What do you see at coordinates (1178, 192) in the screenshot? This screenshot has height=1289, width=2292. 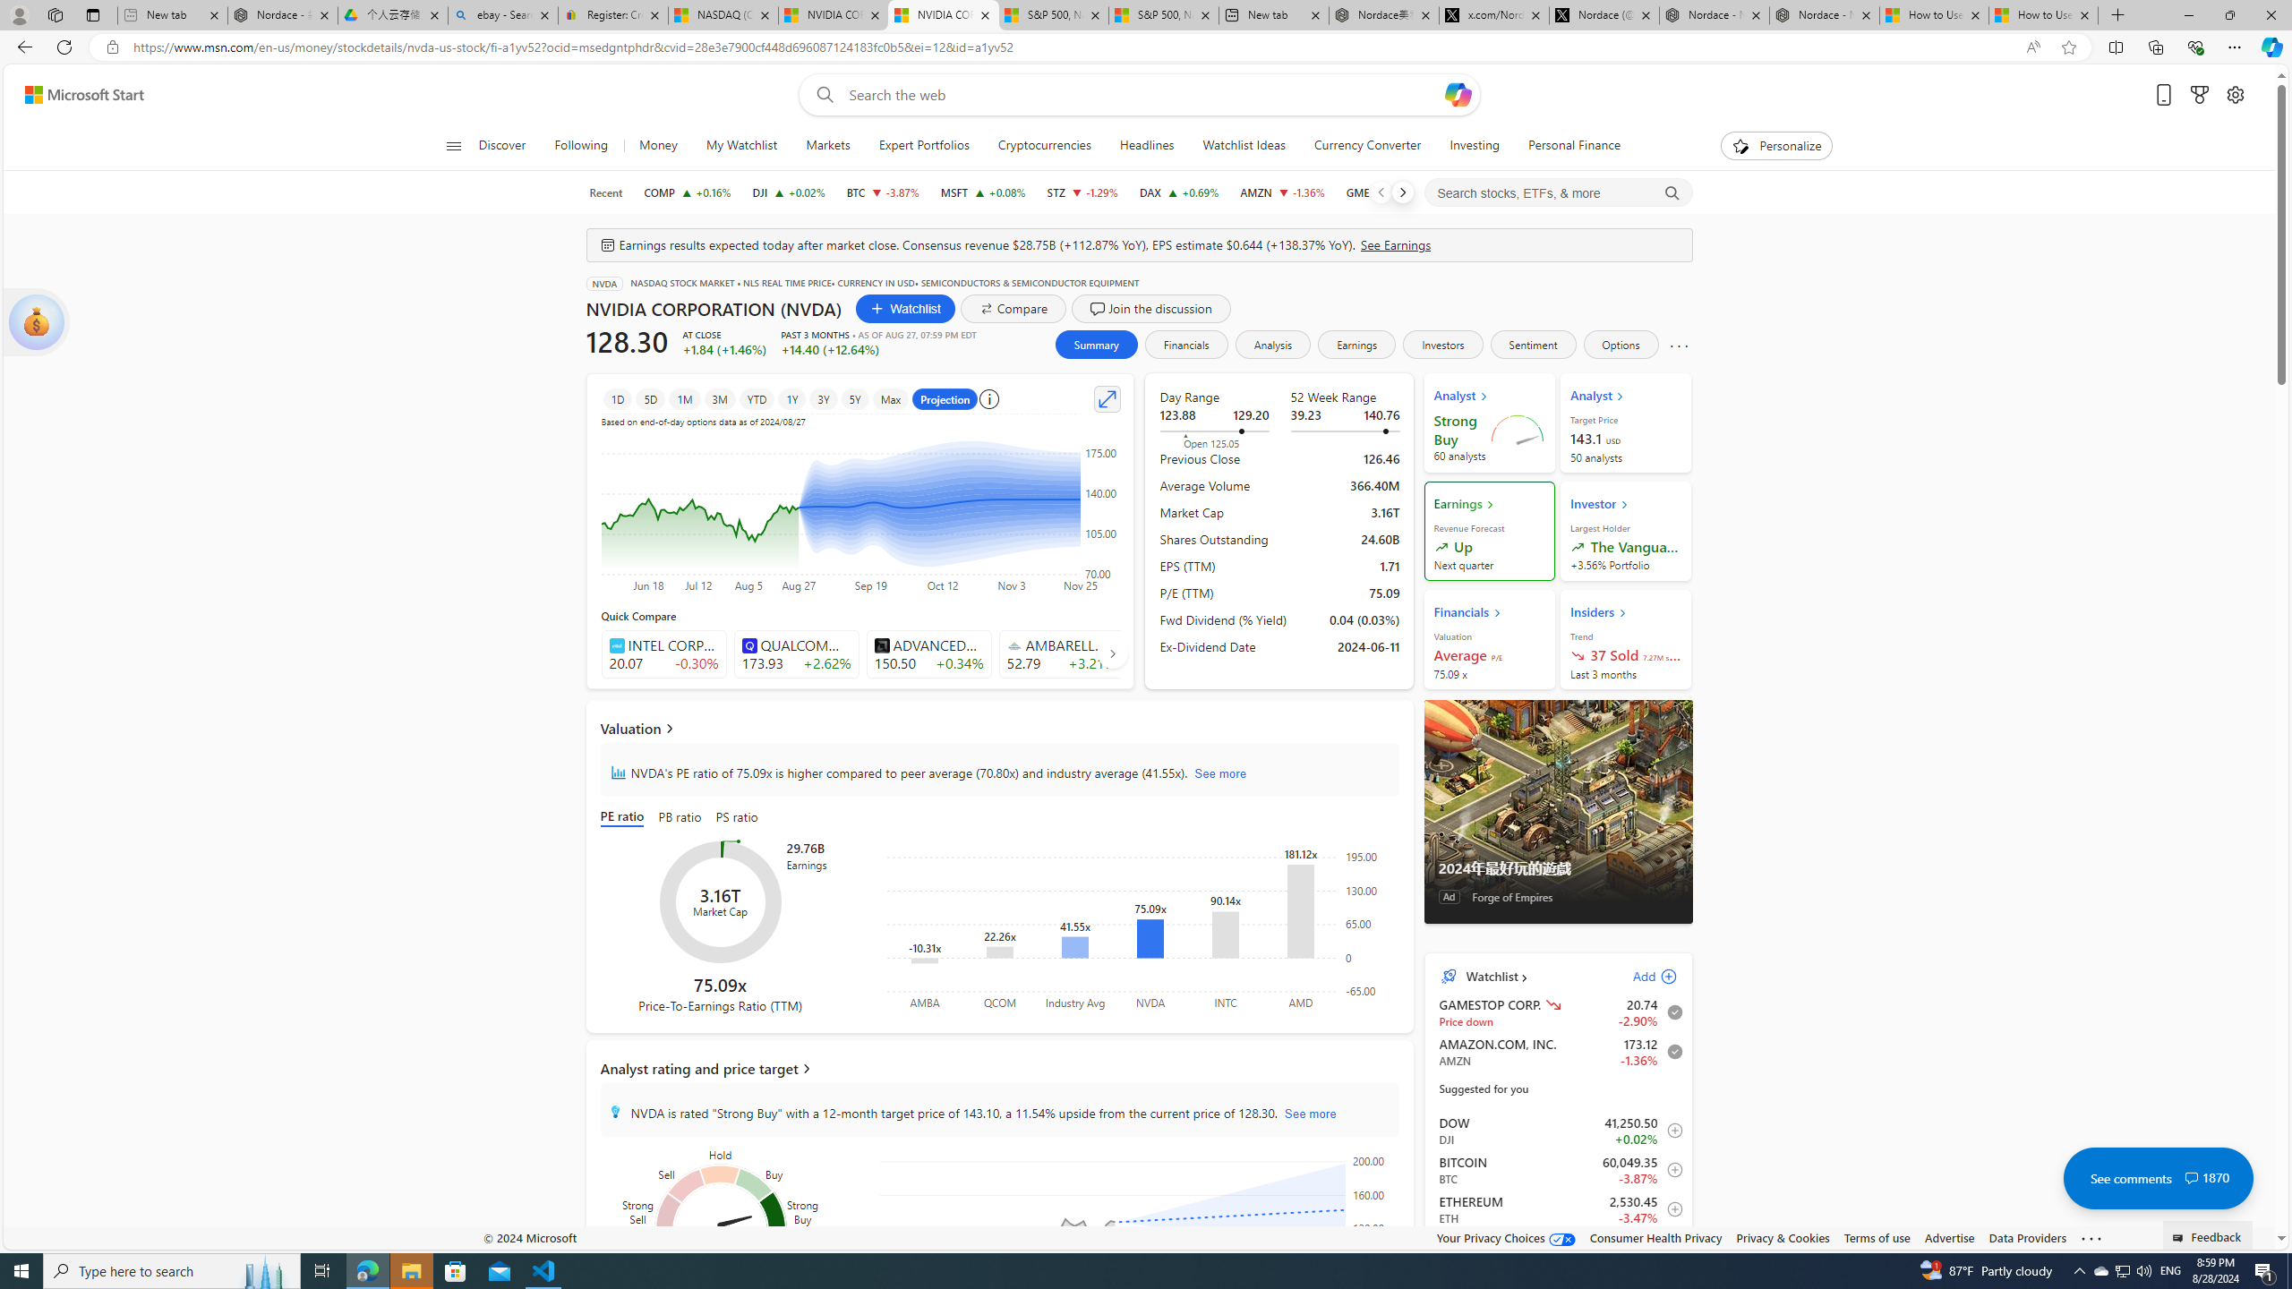 I see `'DAX DAX increase 18,810.79 +128.98 +0.69%'` at bounding box center [1178, 192].